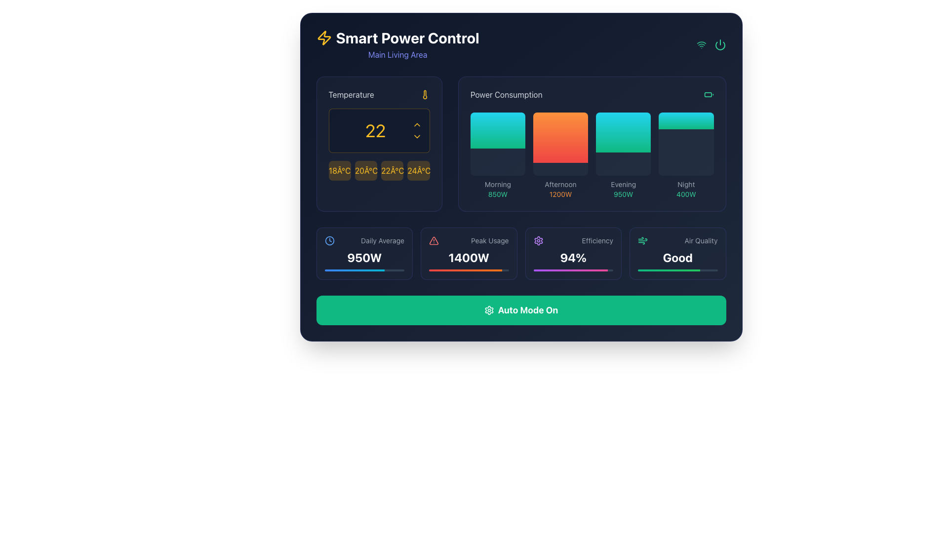 Image resolution: width=948 pixels, height=533 pixels. What do you see at coordinates (520, 144) in the screenshot?
I see `the gradient bars for power consumption in the Grid Layout under the 'Main Living Area' heading of the 'Smart Power Control' interface` at bounding box center [520, 144].